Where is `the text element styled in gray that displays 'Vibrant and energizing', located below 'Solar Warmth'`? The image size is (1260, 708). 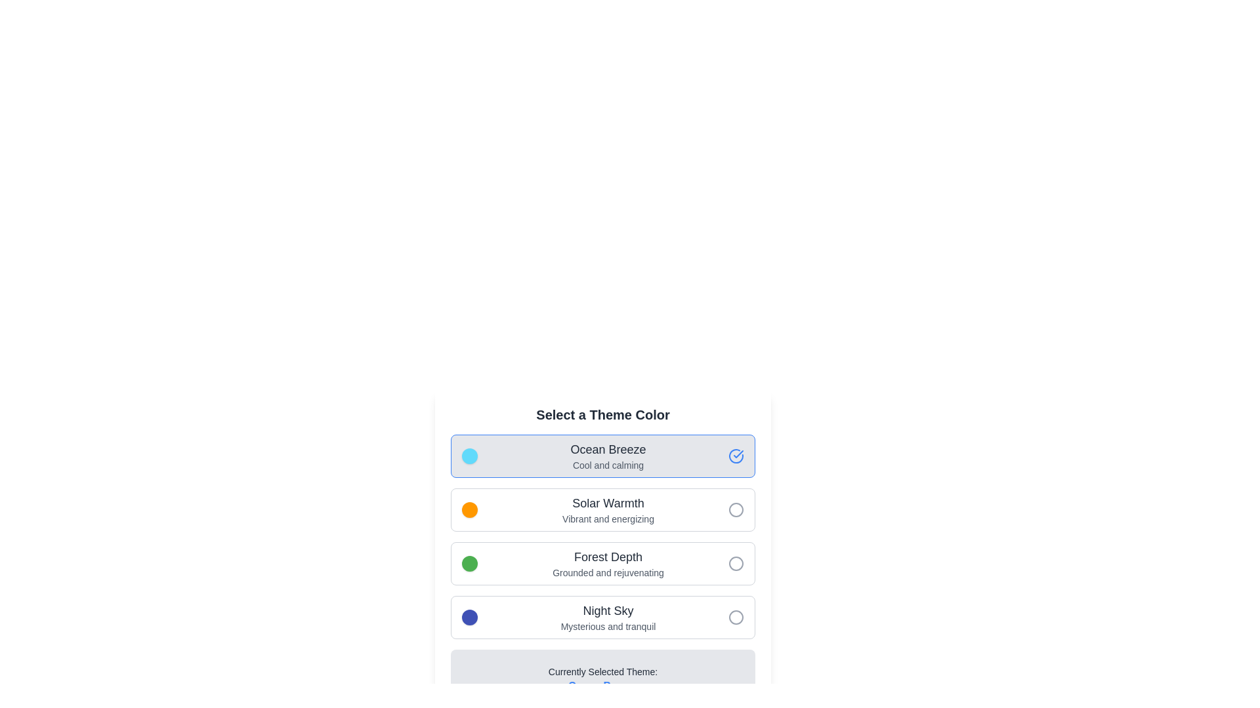
the text element styled in gray that displays 'Vibrant and energizing', located below 'Solar Warmth' is located at coordinates (607, 518).